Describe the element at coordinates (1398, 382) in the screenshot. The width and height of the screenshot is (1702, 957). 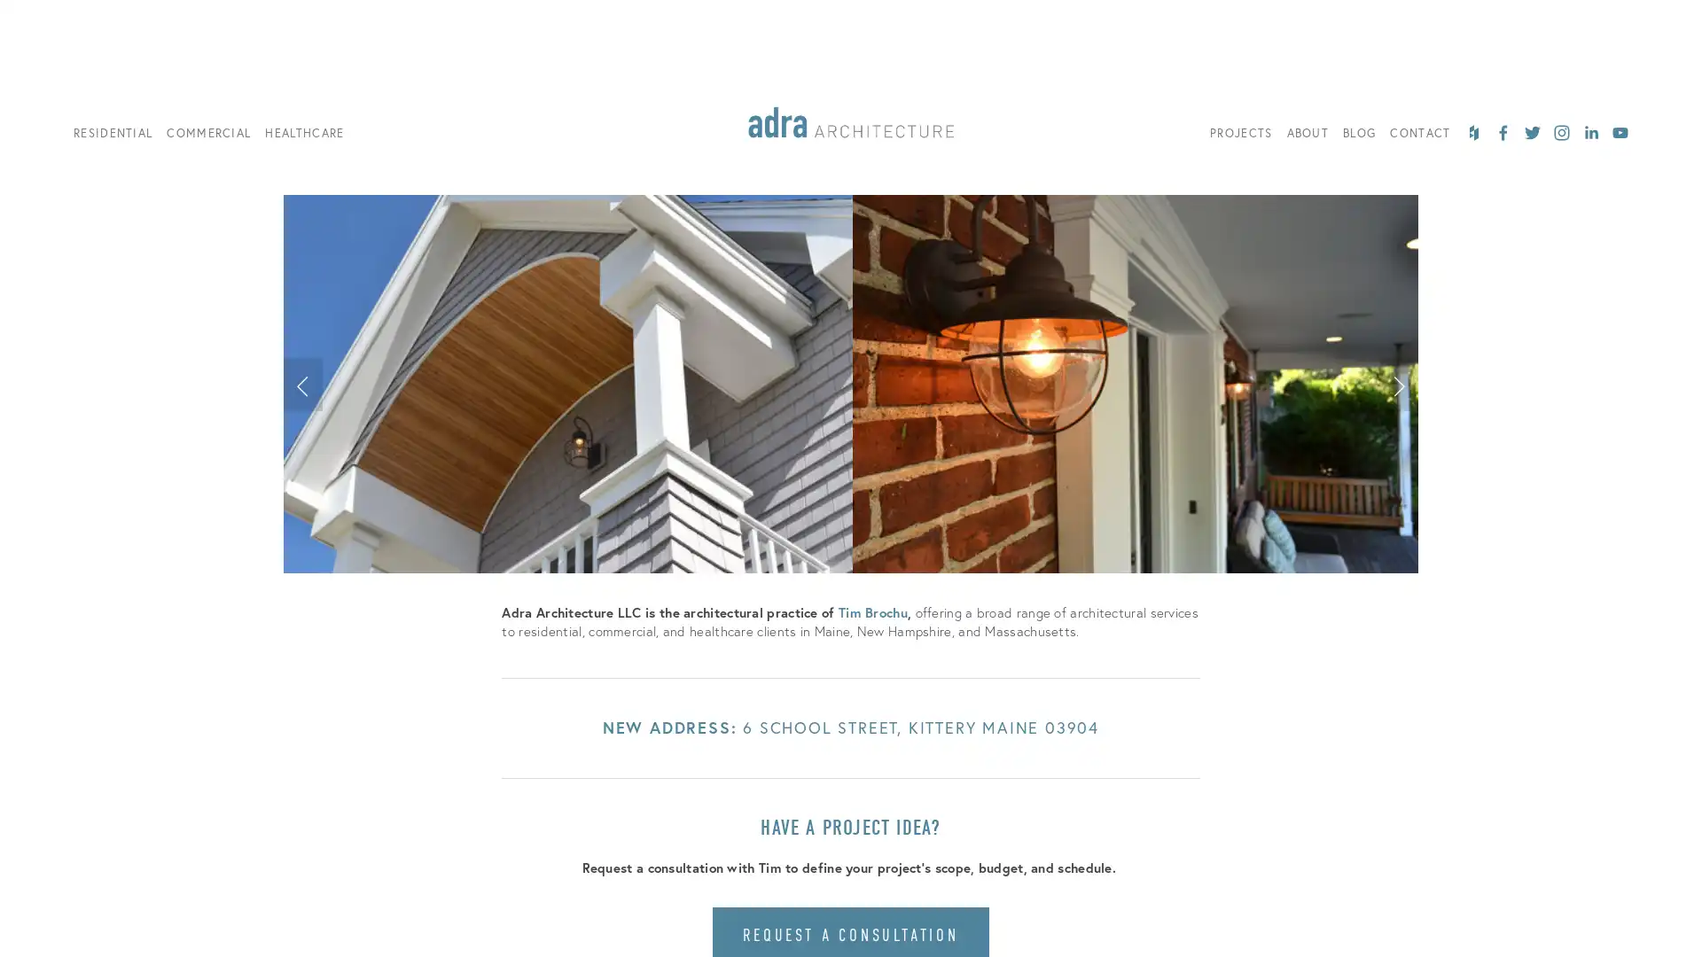
I see `Next Slide` at that location.